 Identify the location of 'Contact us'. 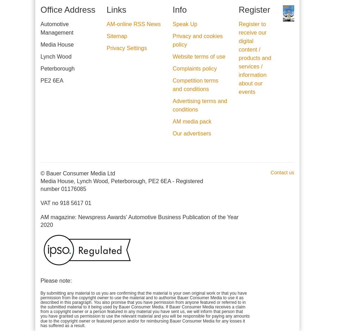
(282, 172).